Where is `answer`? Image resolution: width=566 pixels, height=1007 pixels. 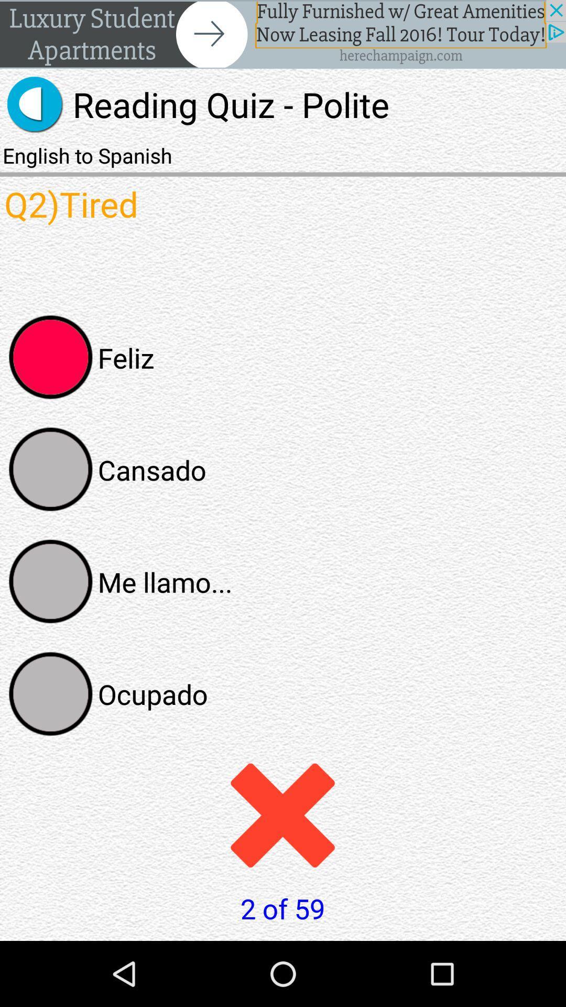 answer is located at coordinates (51, 469).